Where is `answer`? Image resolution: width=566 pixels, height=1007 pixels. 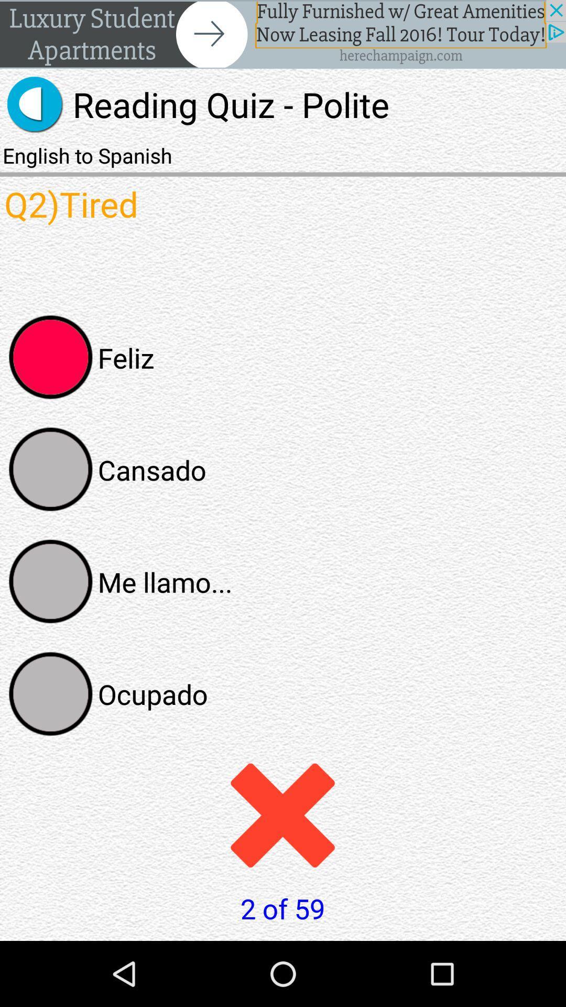 answer is located at coordinates (51, 469).